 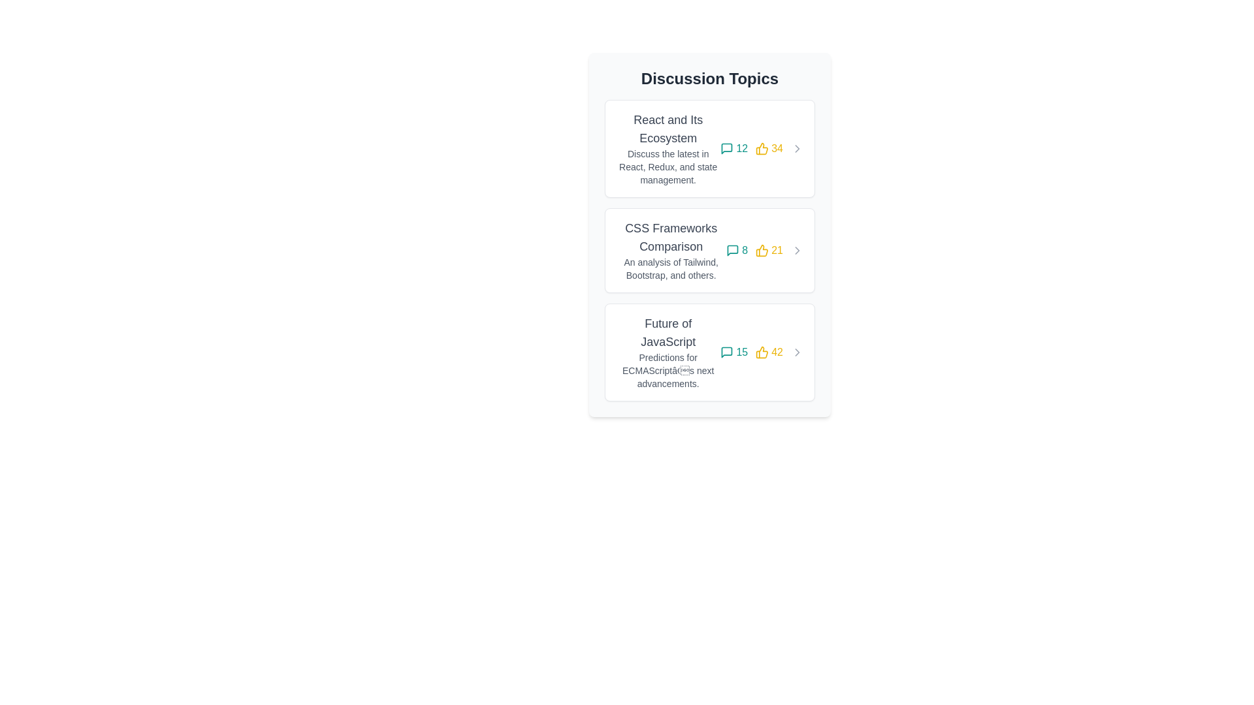 What do you see at coordinates (762, 352) in the screenshot?
I see `the yellow thumbs-up icon located between the green comment count icon and the bold '42' text in the third card of the 'Discussion Topics' list to express a like` at bounding box center [762, 352].